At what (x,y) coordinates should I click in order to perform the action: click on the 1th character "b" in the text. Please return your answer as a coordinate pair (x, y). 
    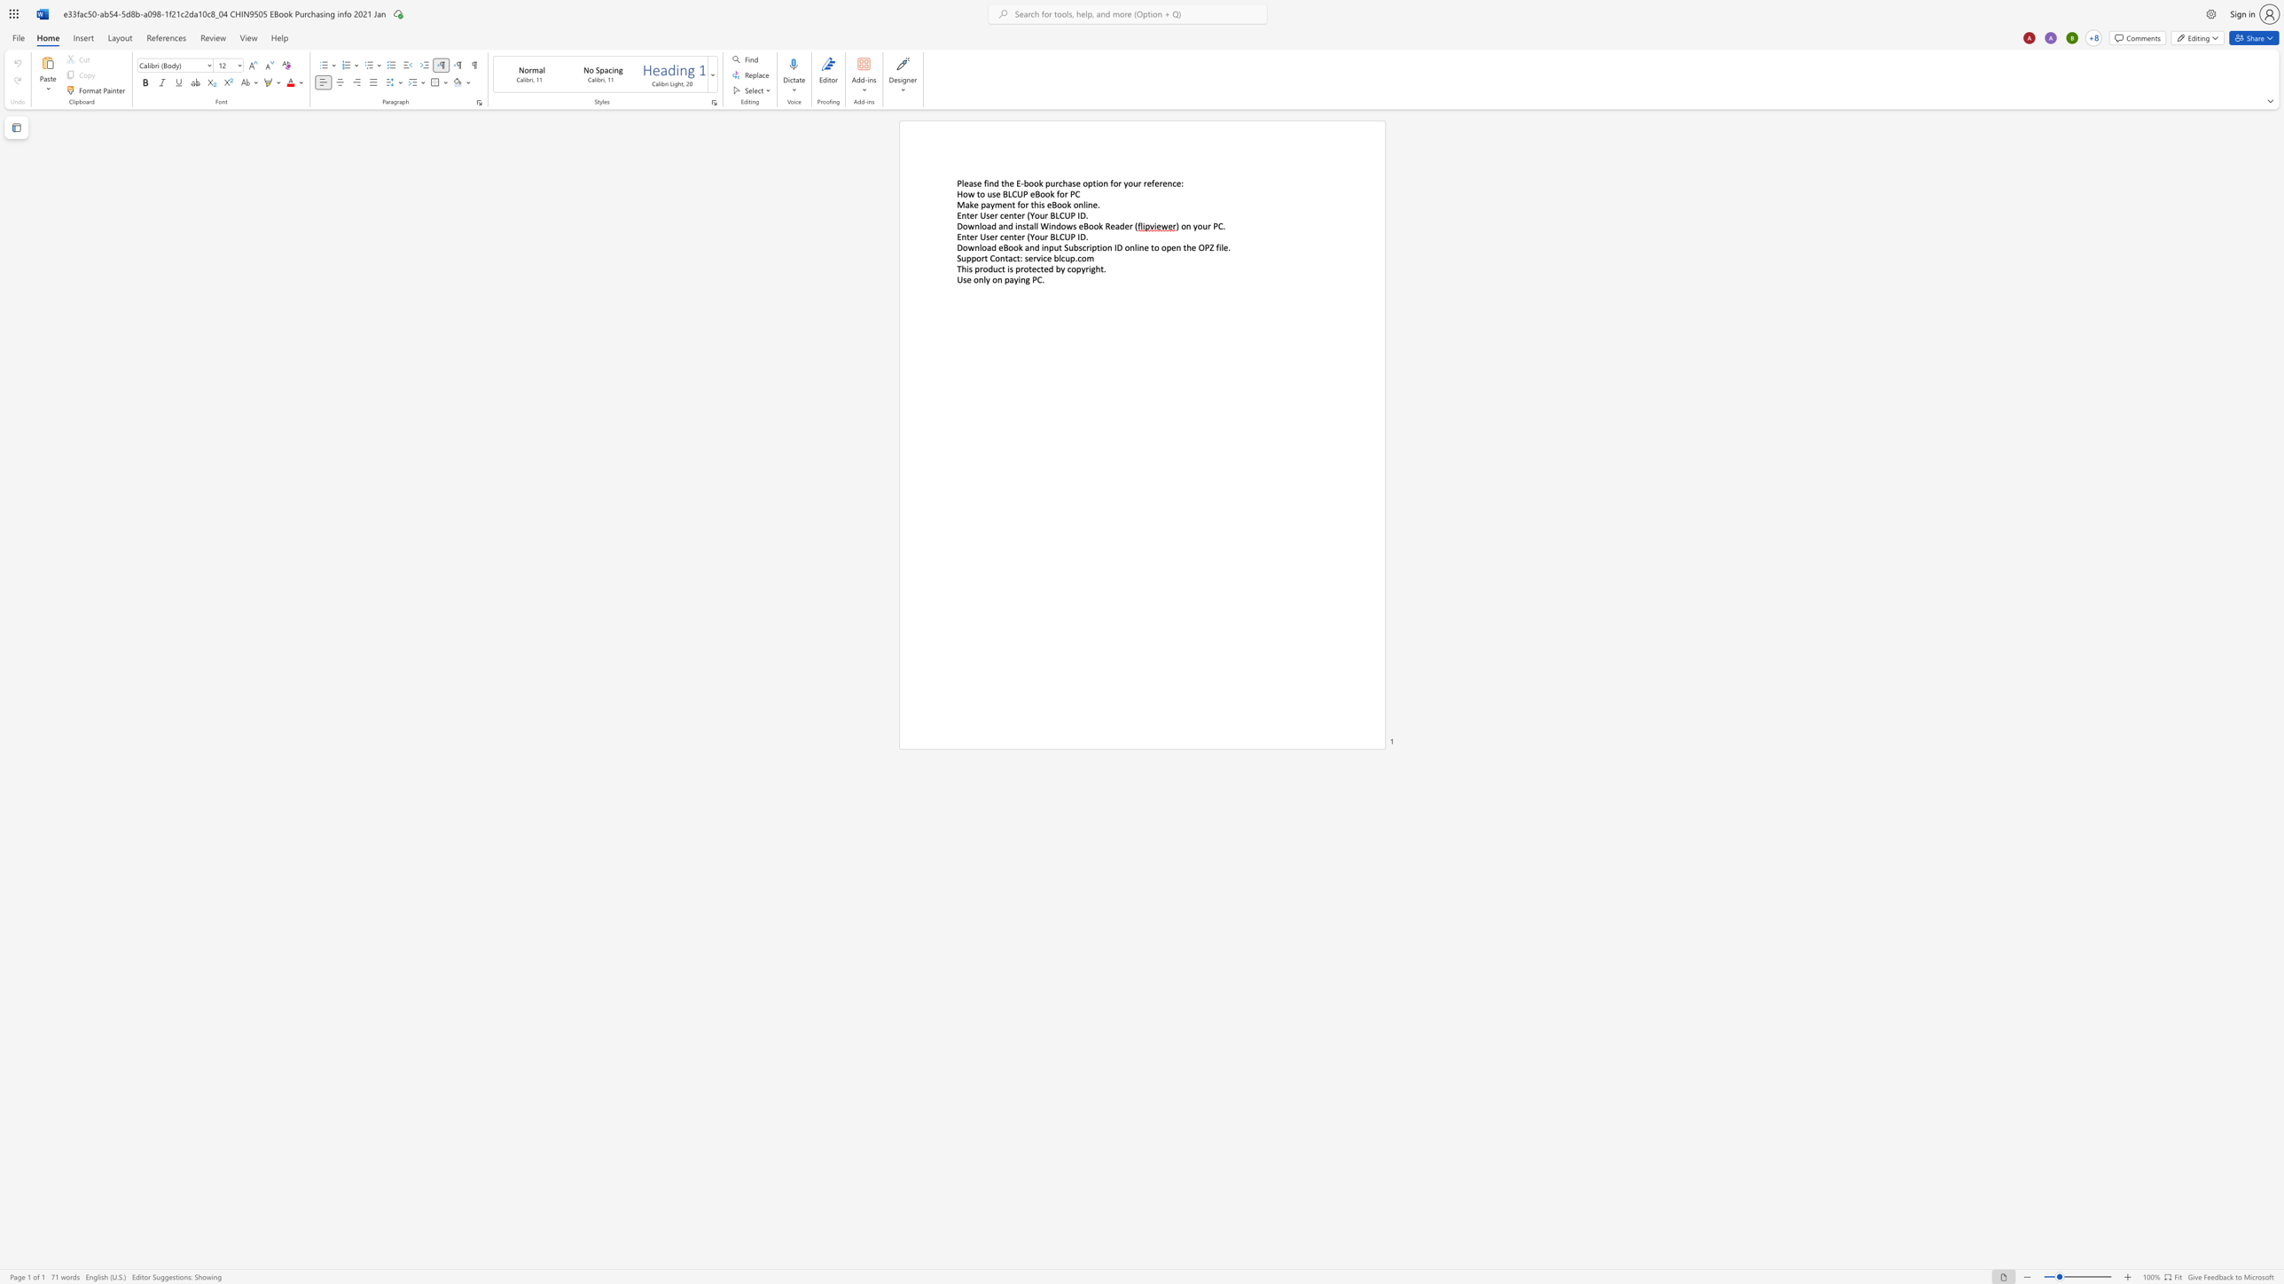
    Looking at the image, I should click on (1025, 183).